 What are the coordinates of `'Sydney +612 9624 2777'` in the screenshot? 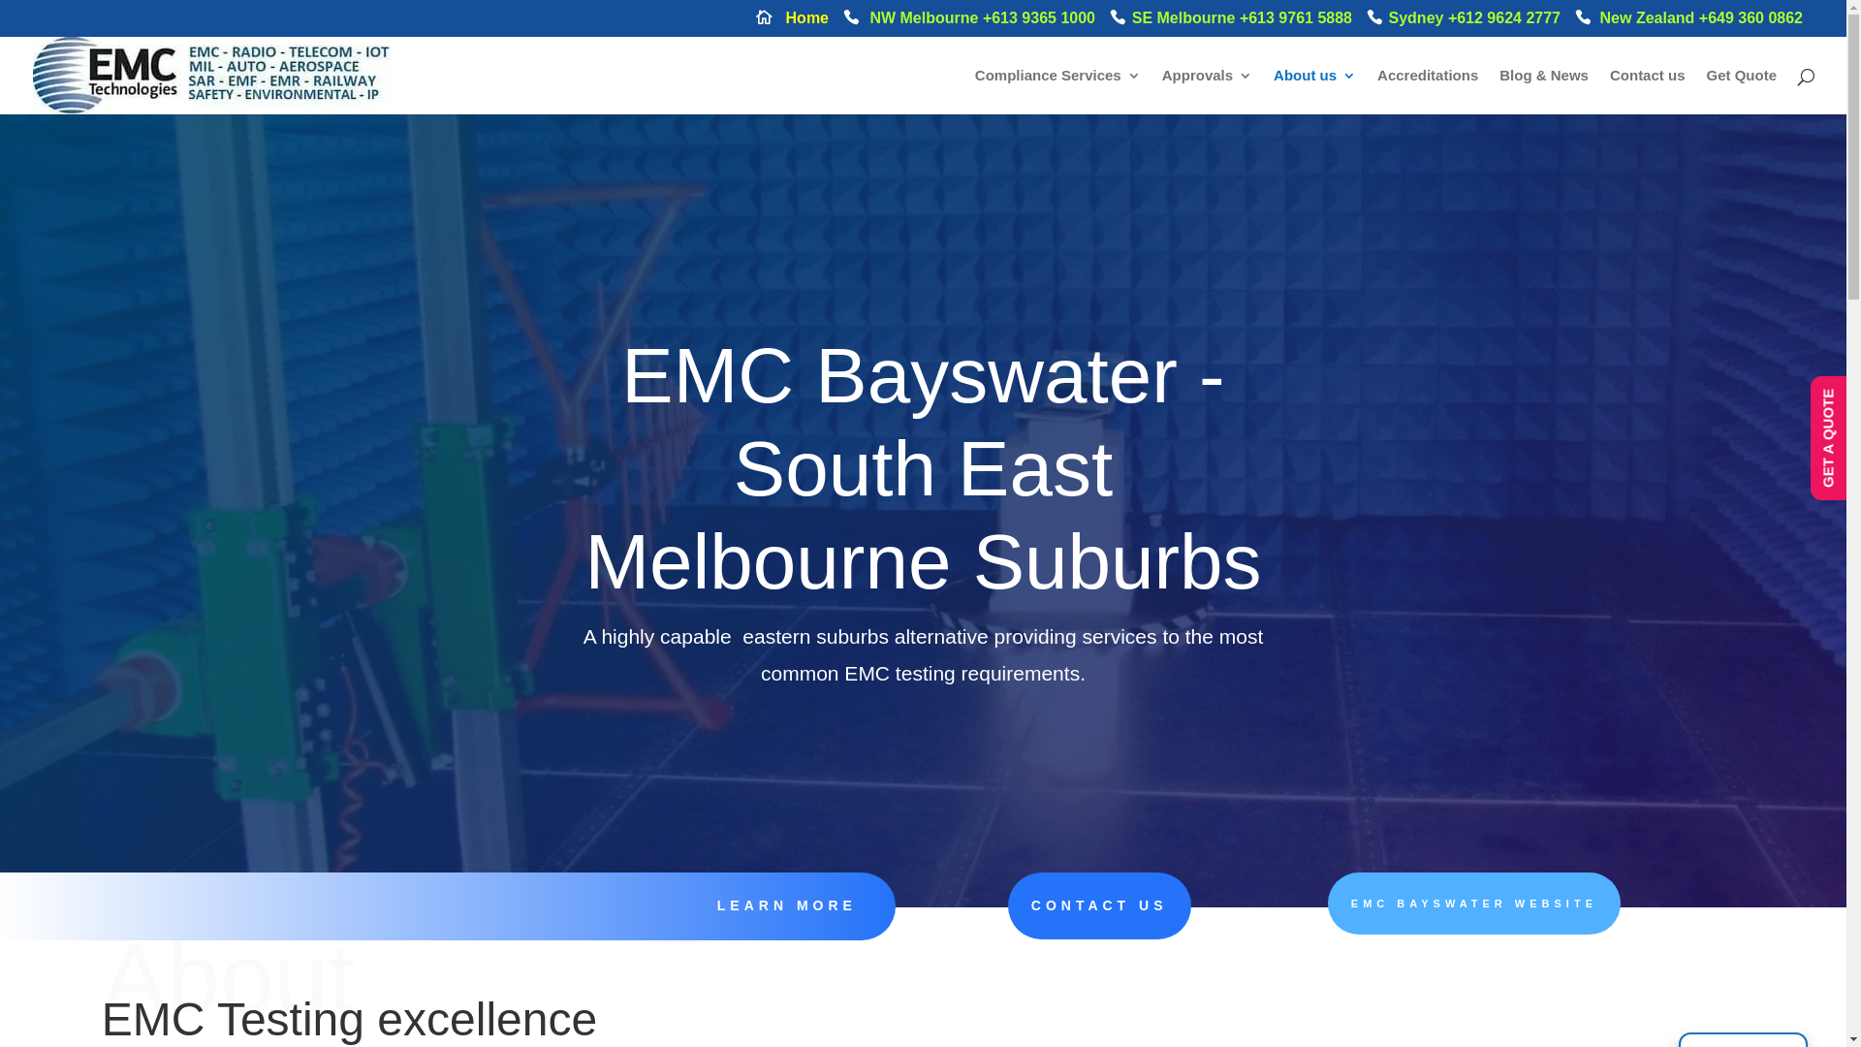 It's located at (1464, 23).